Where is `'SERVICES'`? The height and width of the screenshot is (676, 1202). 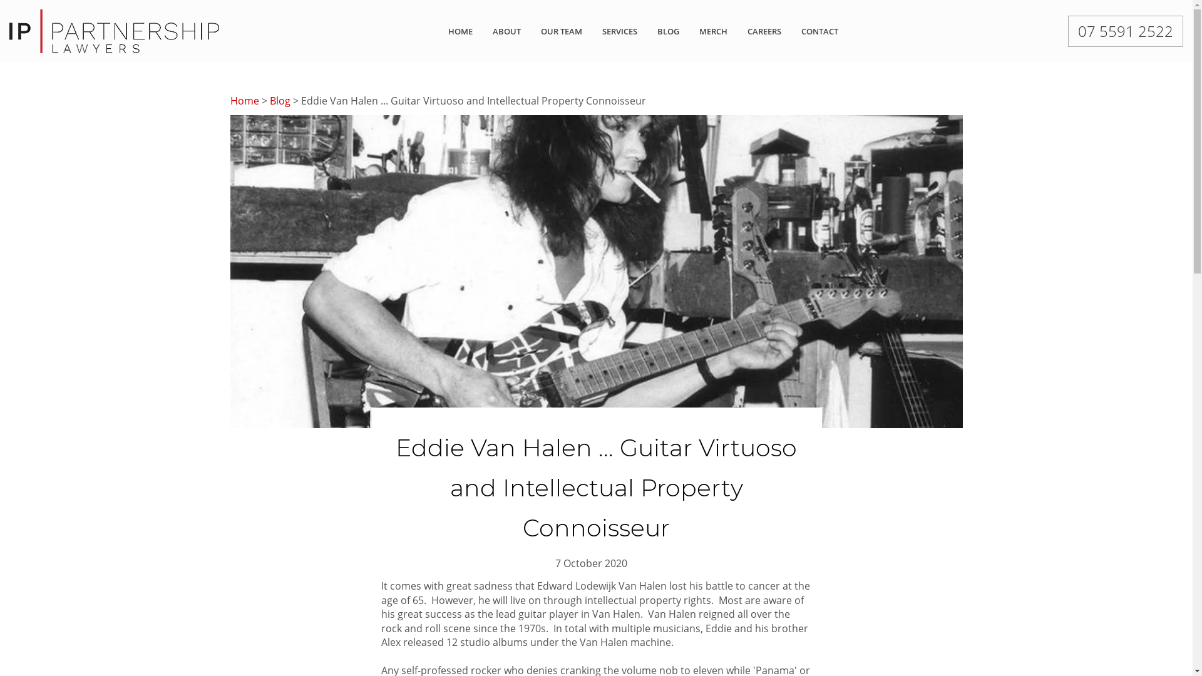
'SERVICES' is located at coordinates (619, 31).